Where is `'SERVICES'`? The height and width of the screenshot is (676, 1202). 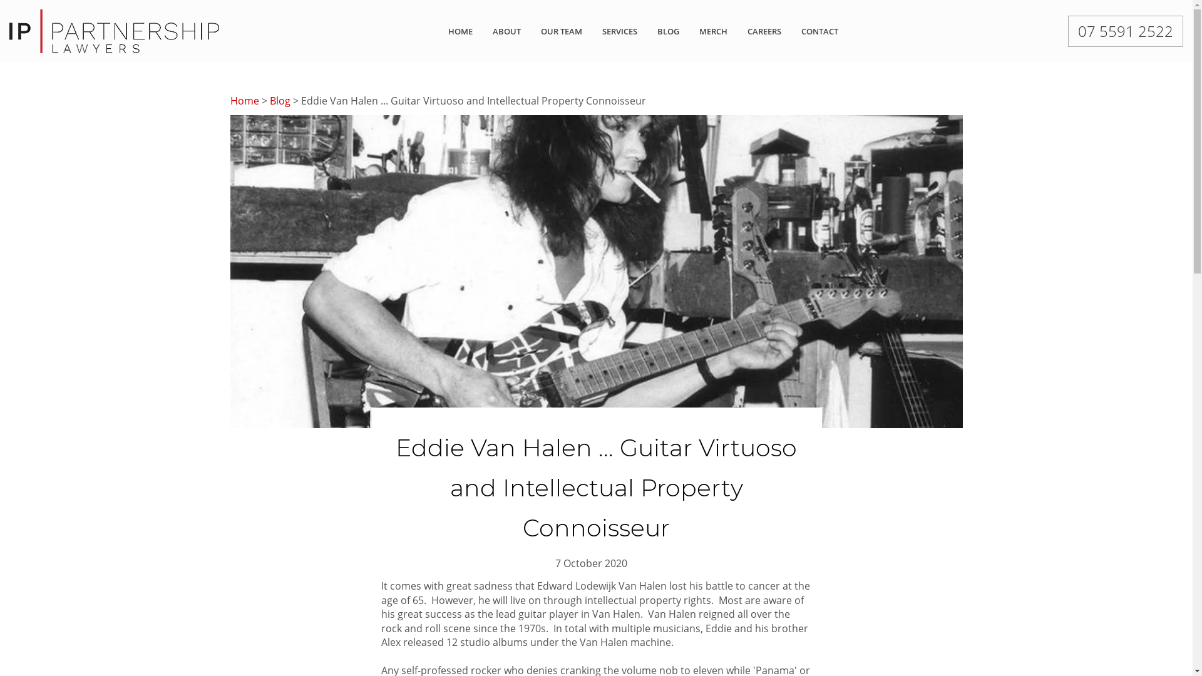
'SERVICES' is located at coordinates (619, 31).